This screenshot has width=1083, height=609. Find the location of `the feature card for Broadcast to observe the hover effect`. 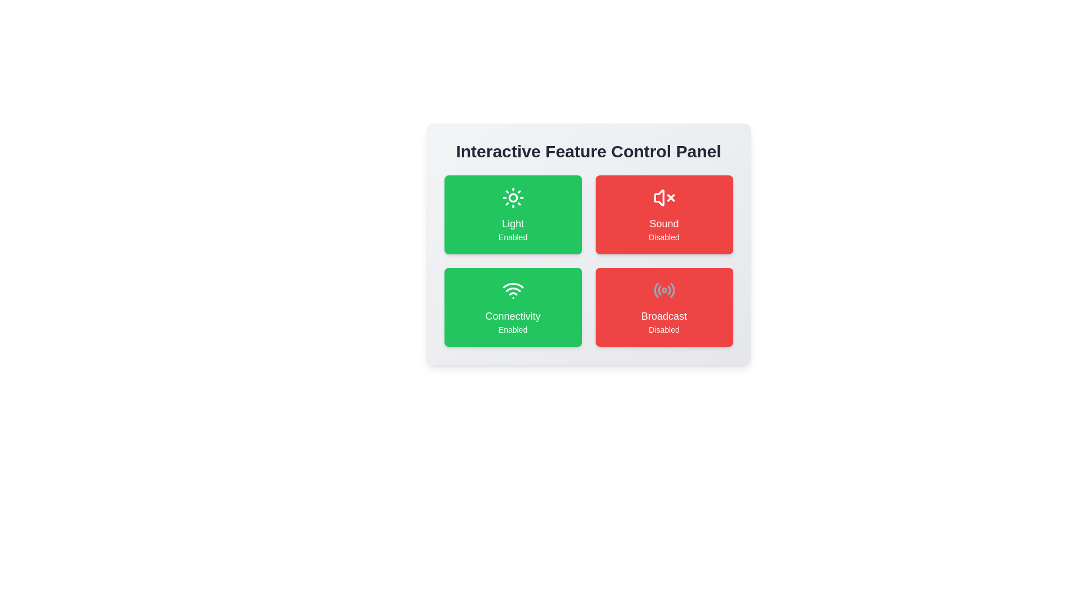

the feature card for Broadcast to observe the hover effect is located at coordinates (664, 307).